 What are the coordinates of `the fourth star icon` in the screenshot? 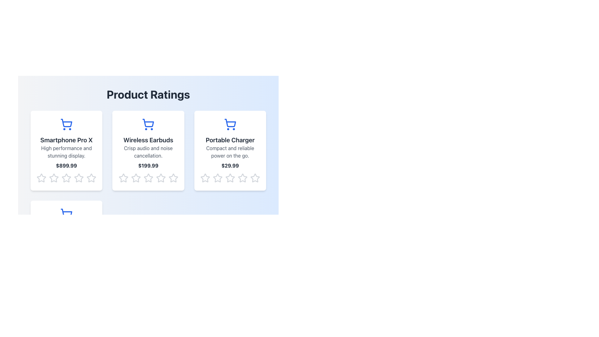 It's located at (242, 178).